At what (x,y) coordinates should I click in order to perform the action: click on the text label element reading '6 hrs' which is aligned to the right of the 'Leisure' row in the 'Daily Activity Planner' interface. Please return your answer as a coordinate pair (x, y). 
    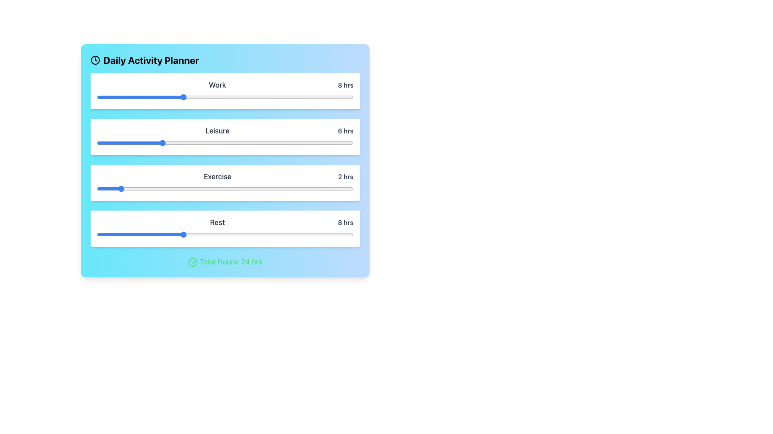
    Looking at the image, I should click on (345, 131).